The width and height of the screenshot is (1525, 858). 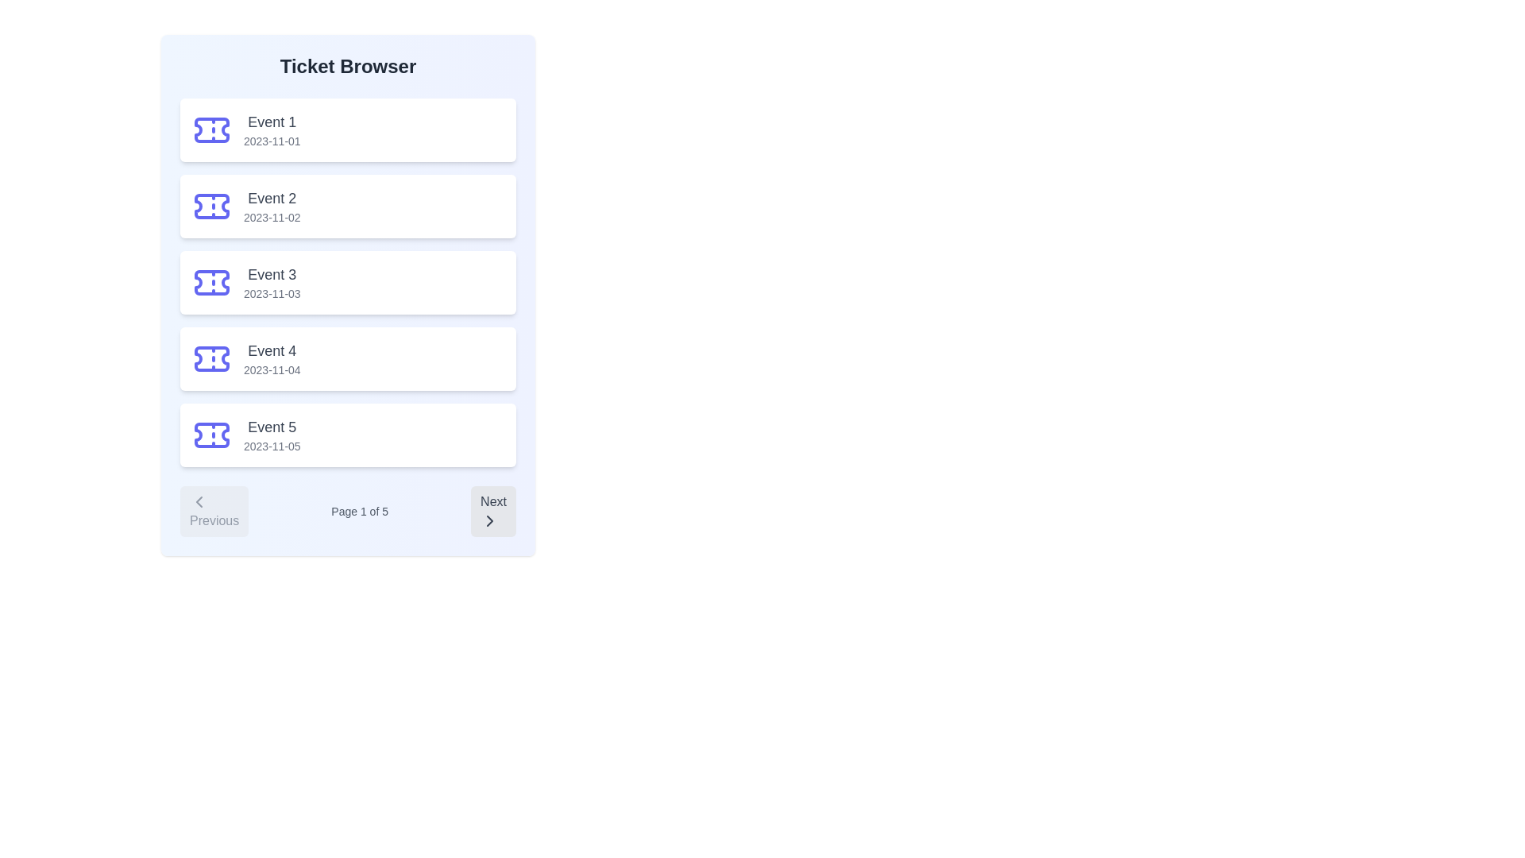 What do you see at coordinates (347, 205) in the screenshot?
I see `the event card UI element located in the second row of the list, which displays the event name and date` at bounding box center [347, 205].